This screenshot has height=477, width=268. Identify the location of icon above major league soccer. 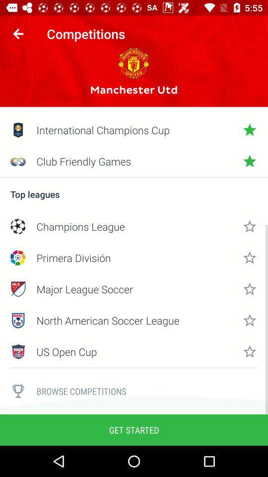
(134, 257).